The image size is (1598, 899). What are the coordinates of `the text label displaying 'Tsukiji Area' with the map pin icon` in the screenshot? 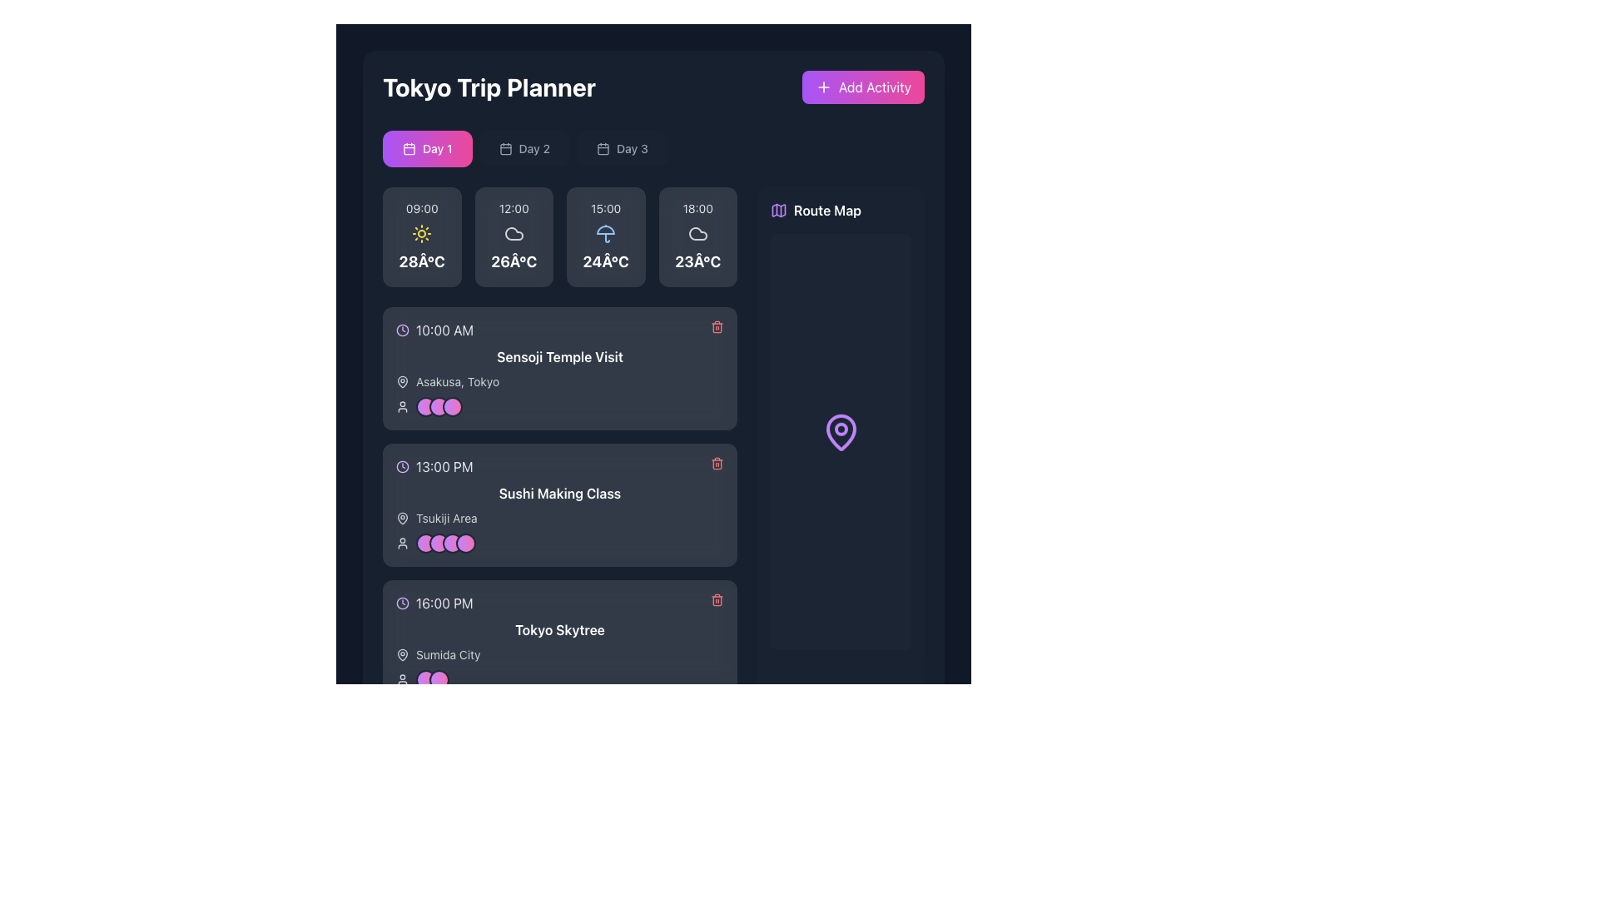 It's located at (559, 518).